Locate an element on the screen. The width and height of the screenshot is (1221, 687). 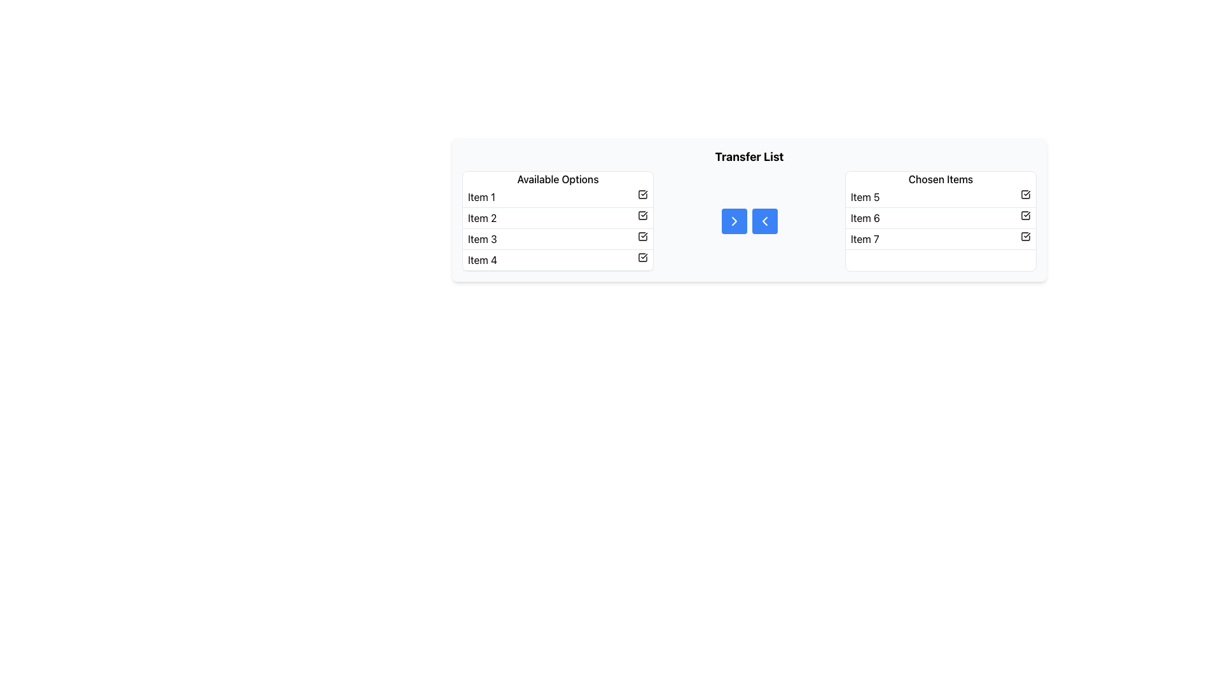
the transfer button located at the center of the interface, positioned to the right of the left navigation button and above the label 'Transfer List', to initiate the transfer action is located at coordinates (764, 220).